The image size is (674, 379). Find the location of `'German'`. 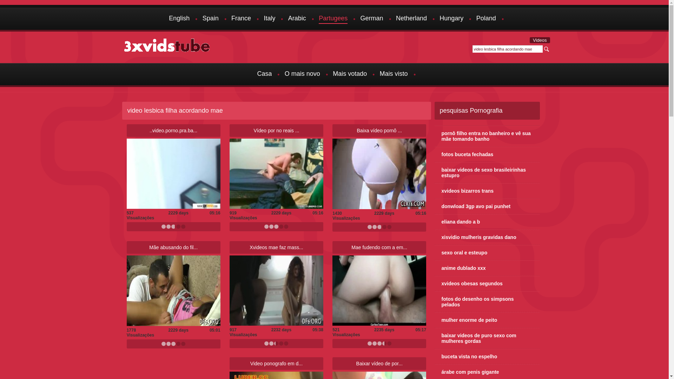

'German' is located at coordinates (371, 19).